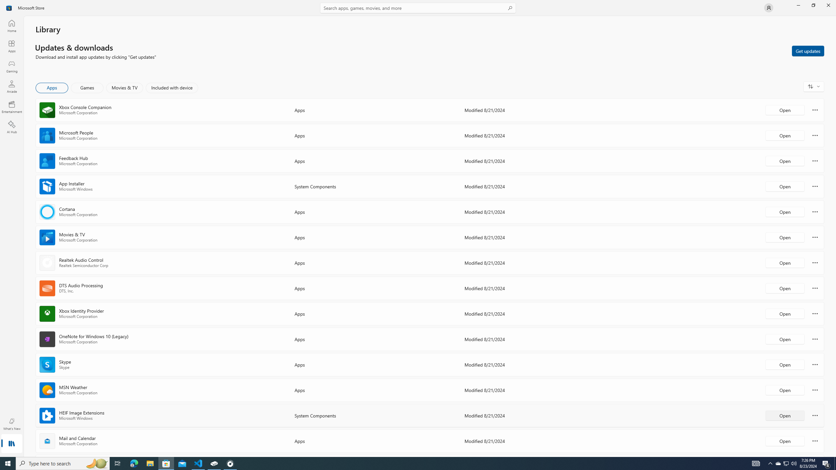 Image resolution: width=836 pixels, height=470 pixels. I want to click on 'Restore Microsoft Store', so click(813, 5).